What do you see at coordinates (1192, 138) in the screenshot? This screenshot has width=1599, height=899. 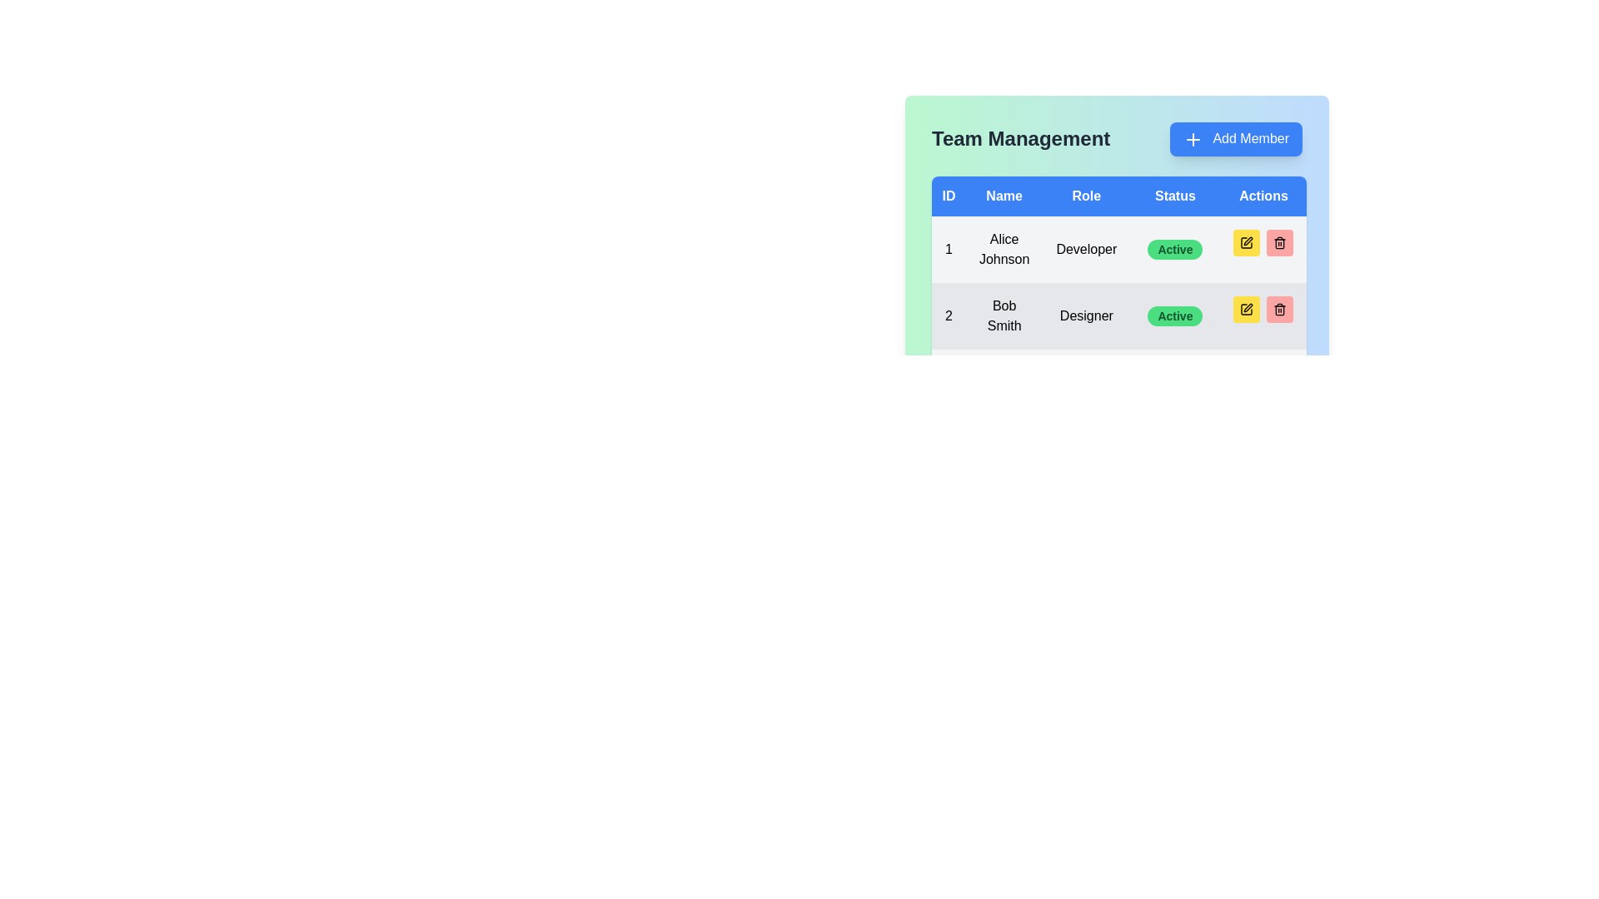 I see `the indicator icon located at the center-left portion of the 'Add Member' button in the upper-right corner of the main interface` at bounding box center [1192, 138].